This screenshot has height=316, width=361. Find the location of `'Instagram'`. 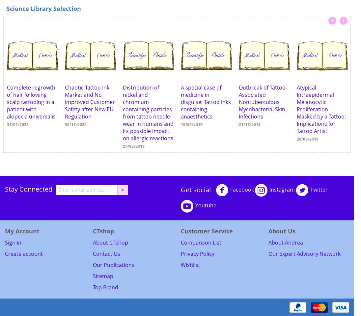

'Instagram' is located at coordinates (281, 190).